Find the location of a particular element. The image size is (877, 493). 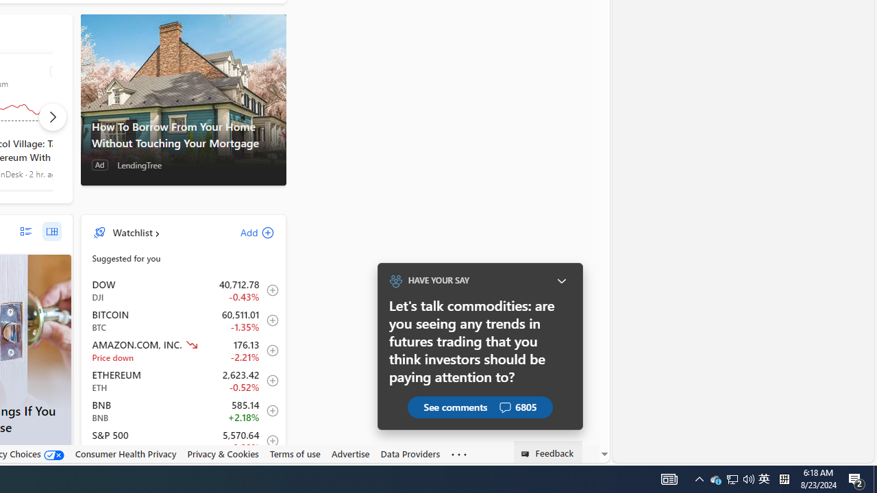

'Advertise' is located at coordinates (350, 453).